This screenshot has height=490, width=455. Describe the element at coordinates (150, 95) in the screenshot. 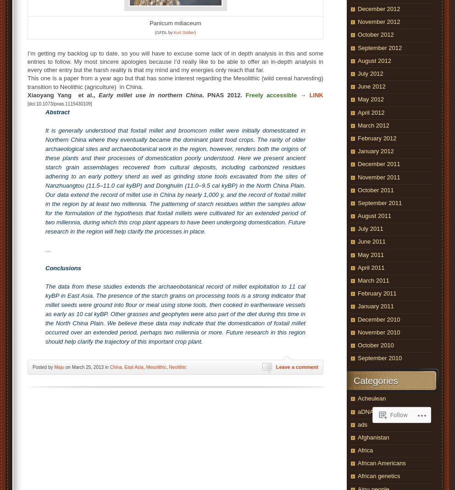

I see `'Early millet use in northern China'` at that location.